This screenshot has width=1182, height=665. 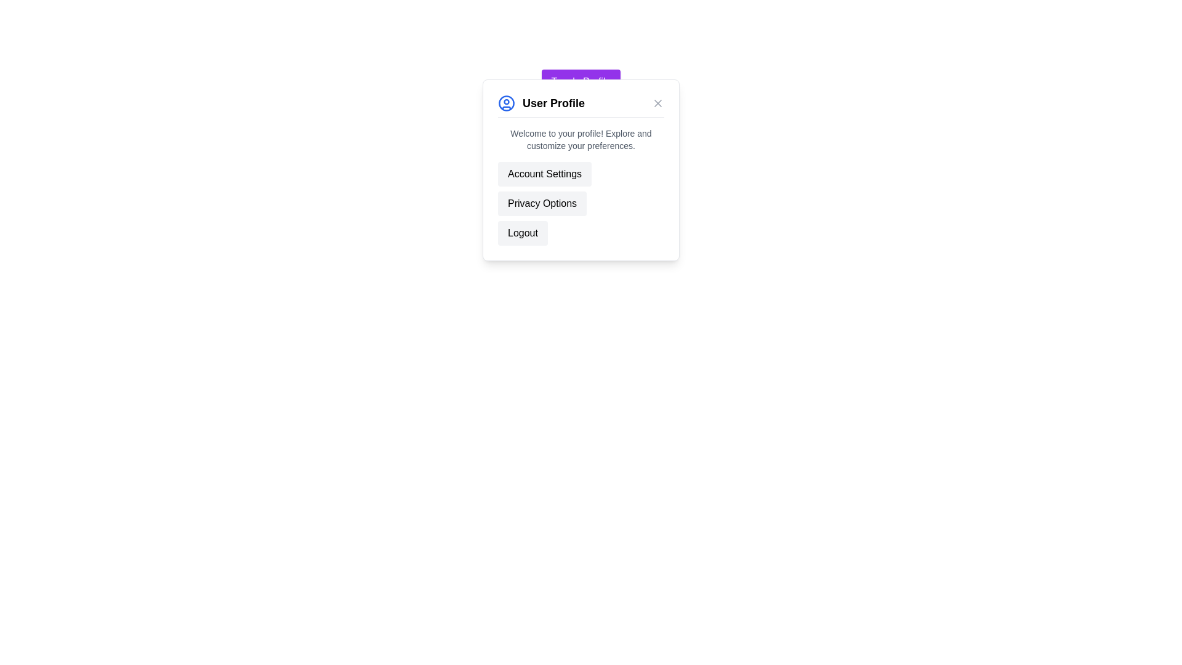 I want to click on the 'Privacy Options' button, which is the second item in the vertical list under the 'User Profile' section, so click(x=542, y=203).